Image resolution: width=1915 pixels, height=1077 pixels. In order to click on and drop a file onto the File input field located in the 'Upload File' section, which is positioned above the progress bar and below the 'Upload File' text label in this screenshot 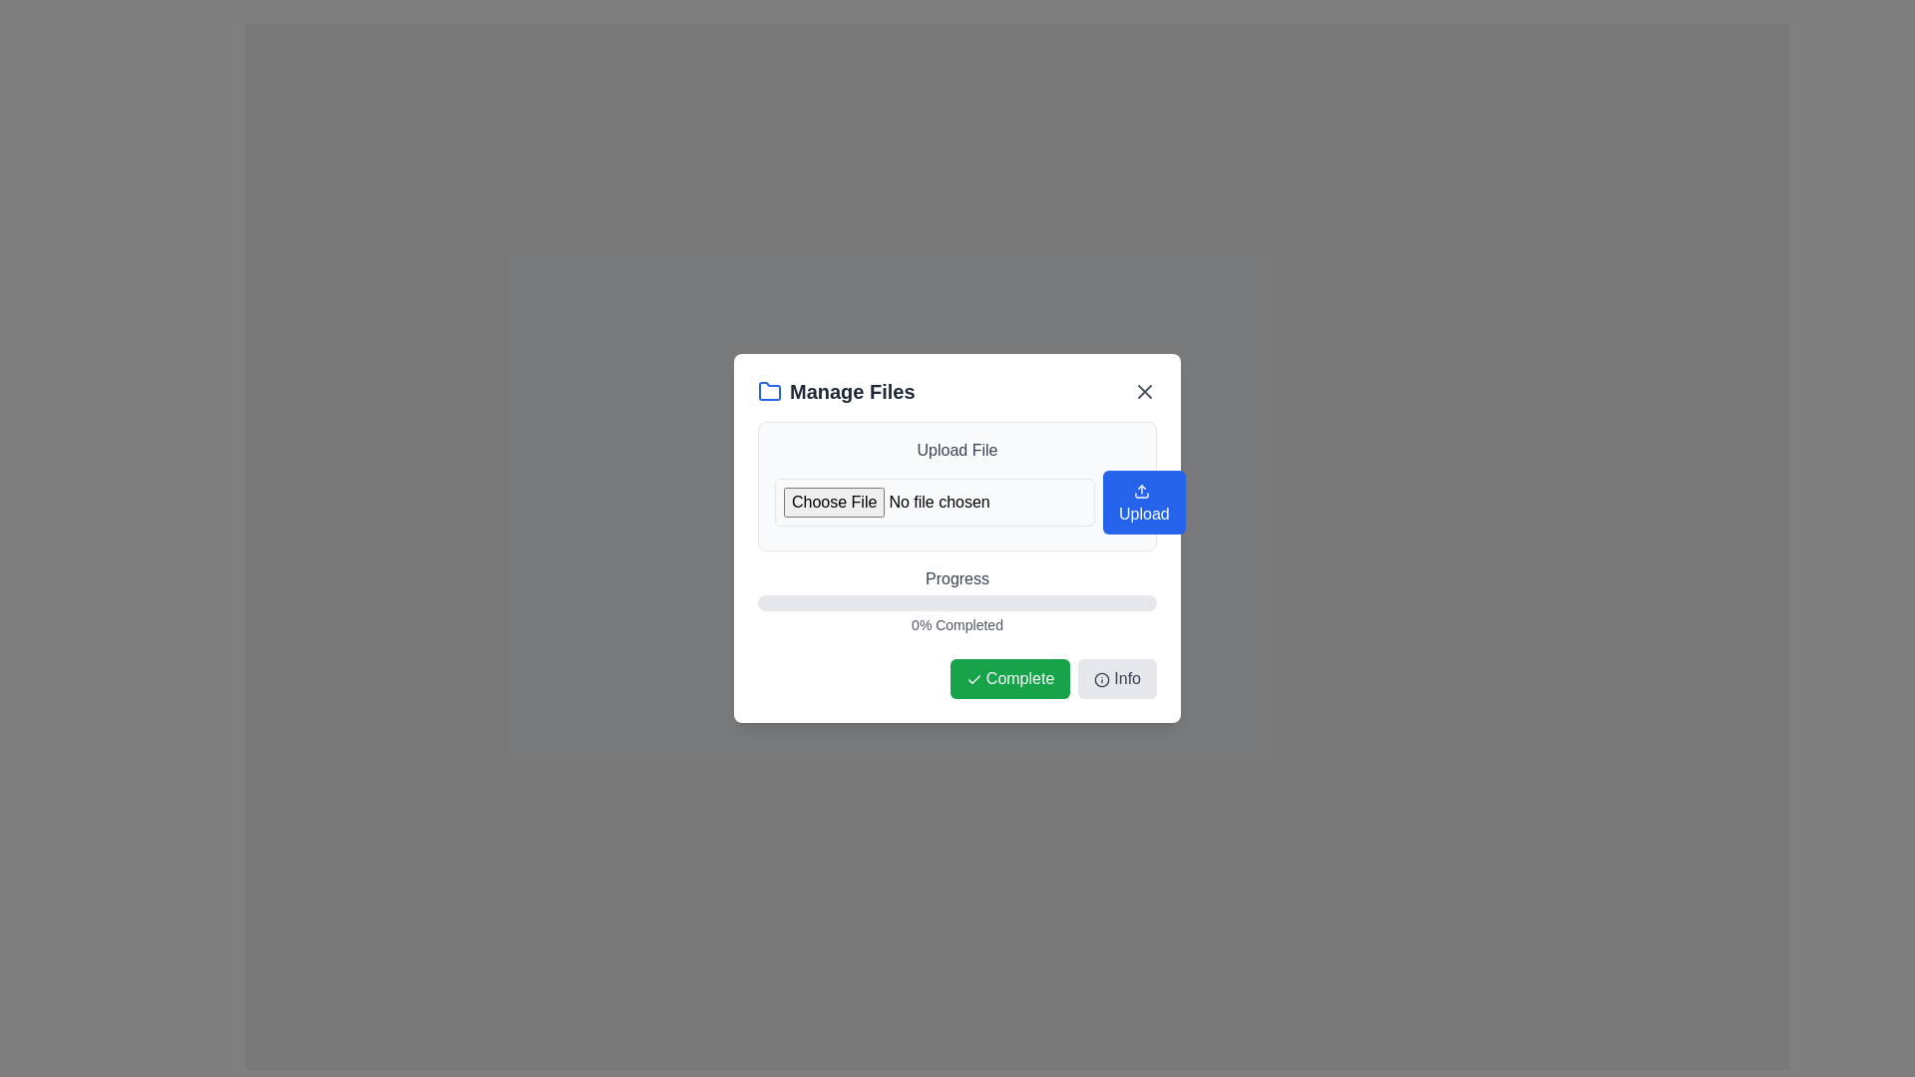, I will do `click(934, 502)`.